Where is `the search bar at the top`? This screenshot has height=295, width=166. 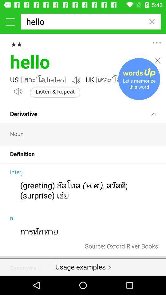 the search bar at the top is located at coordinates (90, 22).